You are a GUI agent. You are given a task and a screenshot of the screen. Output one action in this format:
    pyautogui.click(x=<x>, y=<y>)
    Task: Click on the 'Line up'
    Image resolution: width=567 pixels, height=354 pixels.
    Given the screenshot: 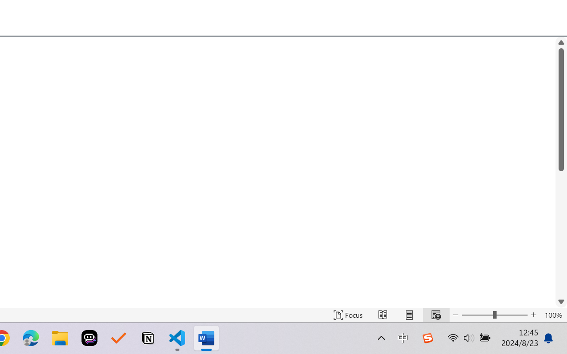 What is the action you would take?
    pyautogui.click(x=561, y=42)
    